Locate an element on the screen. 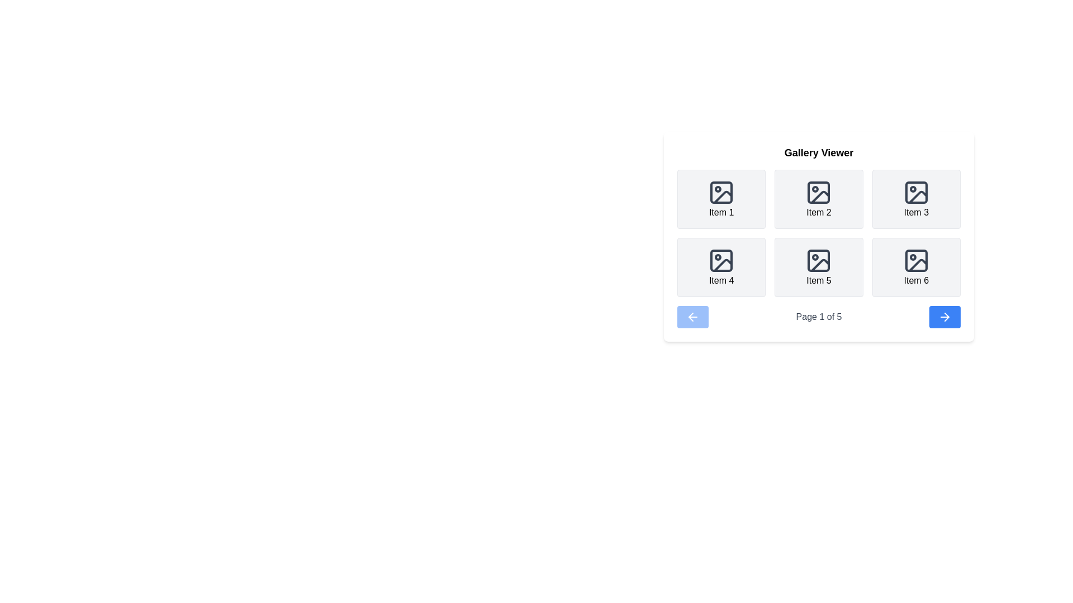  the text label displaying 'Page 1 of 5' in gray font, located centrally below the main gallery display area in the pagination section is located at coordinates (819, 317).